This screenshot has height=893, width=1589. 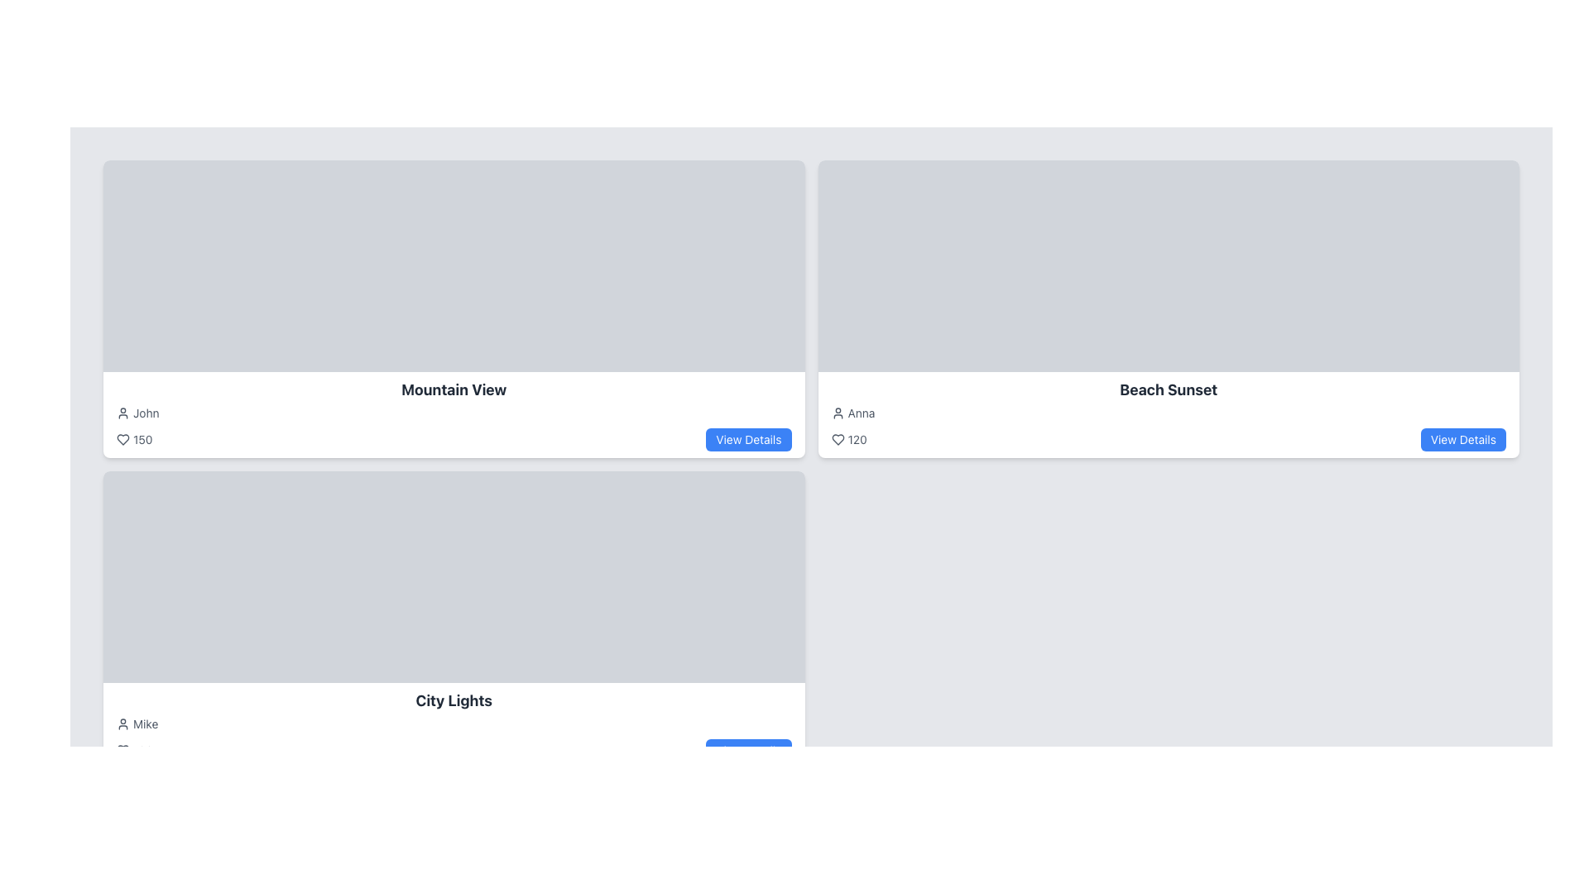 I want to click on the user profile icon associated with the name 'Anna', which is positioned to the left of the text label 'Anna' in the upper-right quadrant of the interface, so click(x=838, y=413).